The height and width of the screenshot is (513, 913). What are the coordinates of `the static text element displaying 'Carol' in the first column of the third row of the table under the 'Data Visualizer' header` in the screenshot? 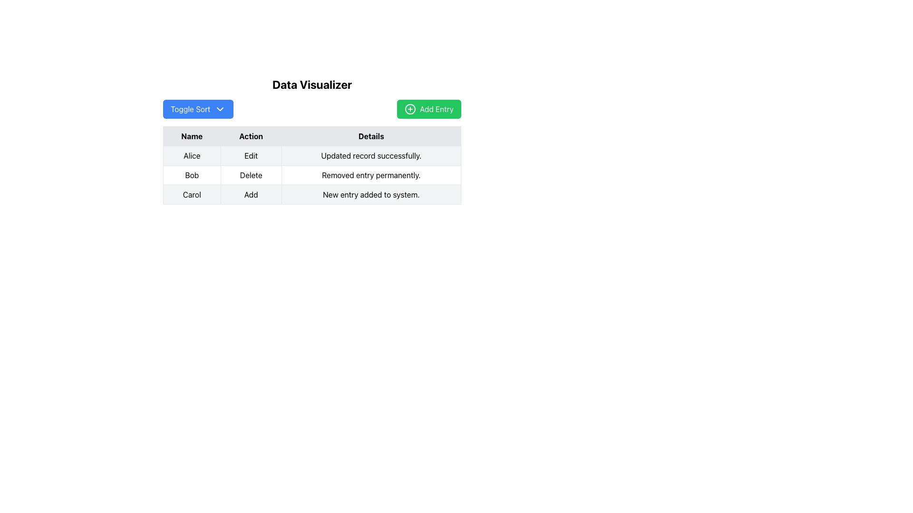 It's located at (191, 194).